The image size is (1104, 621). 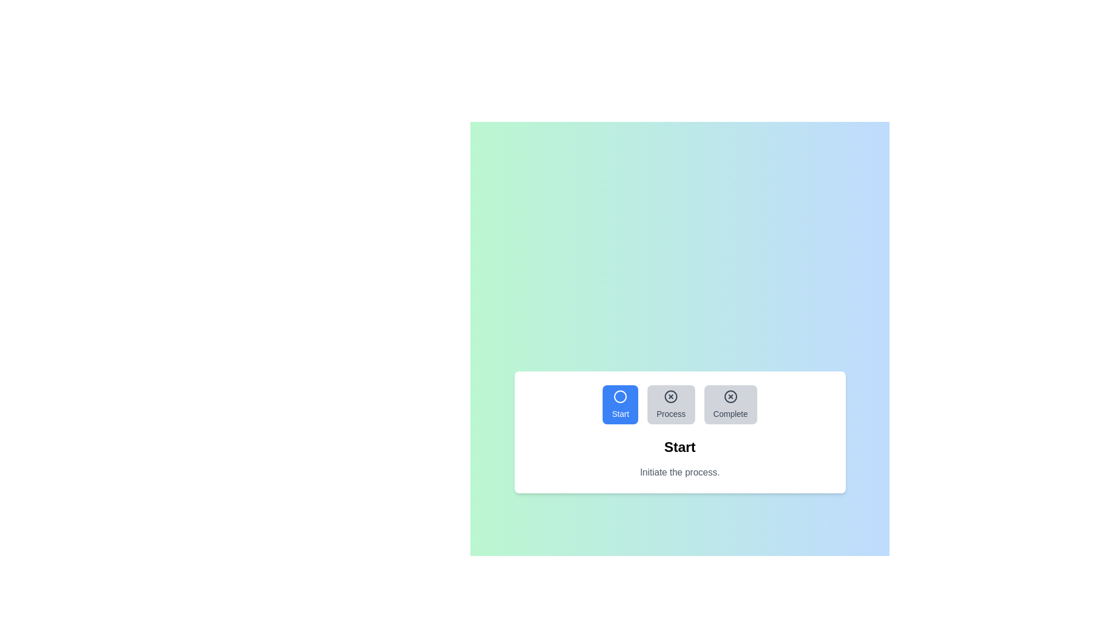 What do you see at coordinates (671, 396) in the screenshot?
I see `the visual styling of the SVG Circle element located within the 'Process' button in the card-like interface` at bounding box center [671, 396].